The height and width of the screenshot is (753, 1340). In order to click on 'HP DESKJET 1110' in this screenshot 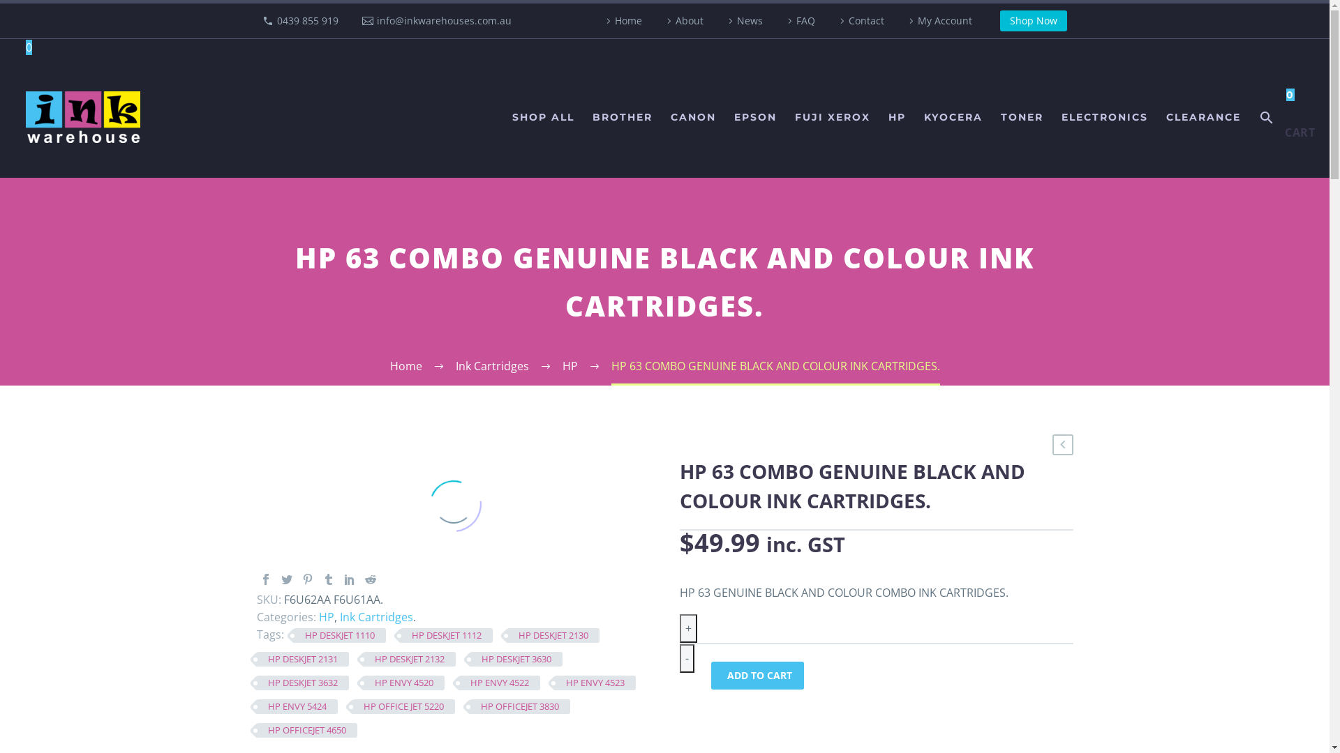, I will do `click(292, 635)`.